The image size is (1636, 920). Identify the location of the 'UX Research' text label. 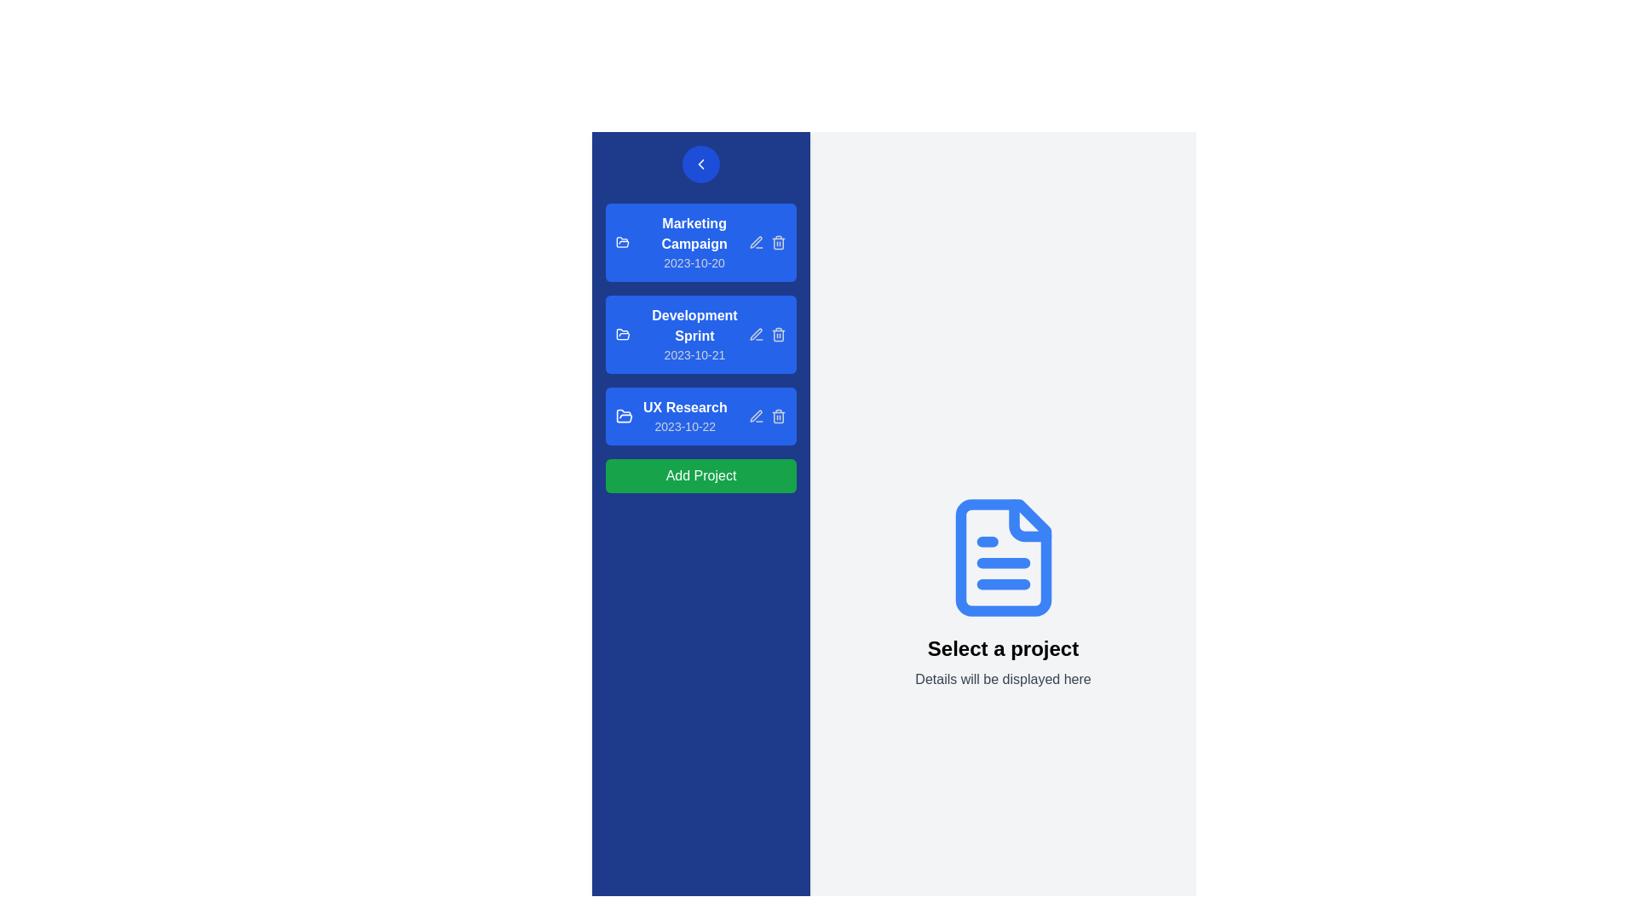
(685, 407).